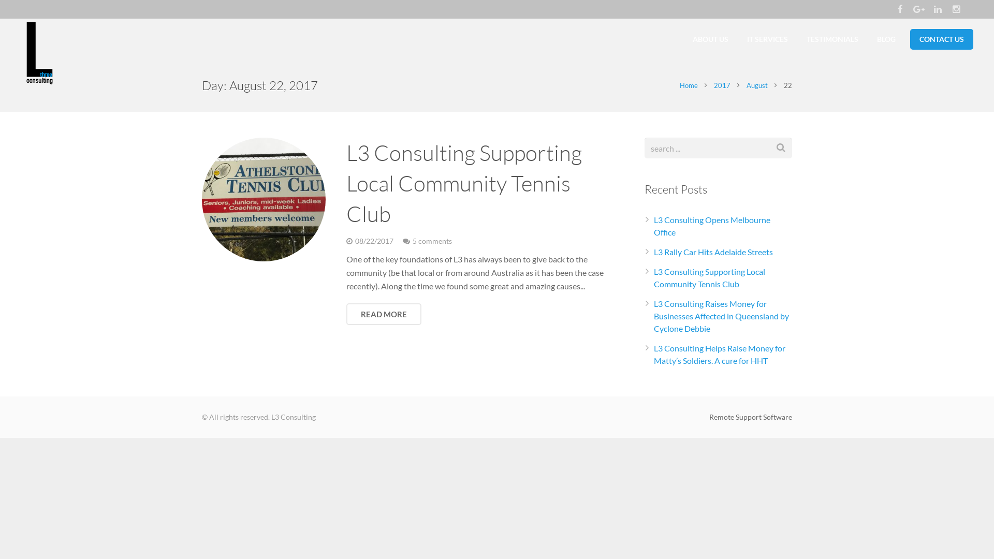  Describe the element at coordinates (680, 85) in the screenshot. I see `'Home'` at that location.